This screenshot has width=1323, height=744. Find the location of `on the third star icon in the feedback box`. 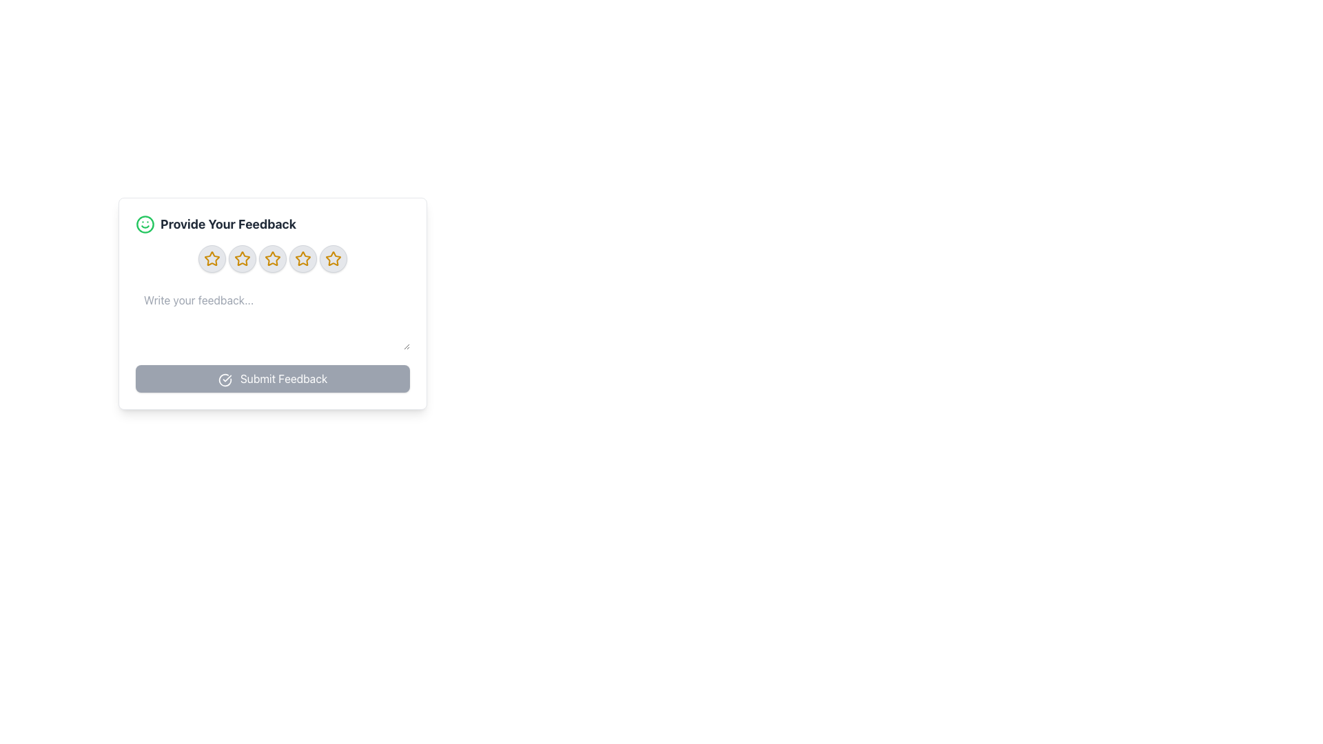

on the third star icon in the feedback box is located at coordinates (242, 258).